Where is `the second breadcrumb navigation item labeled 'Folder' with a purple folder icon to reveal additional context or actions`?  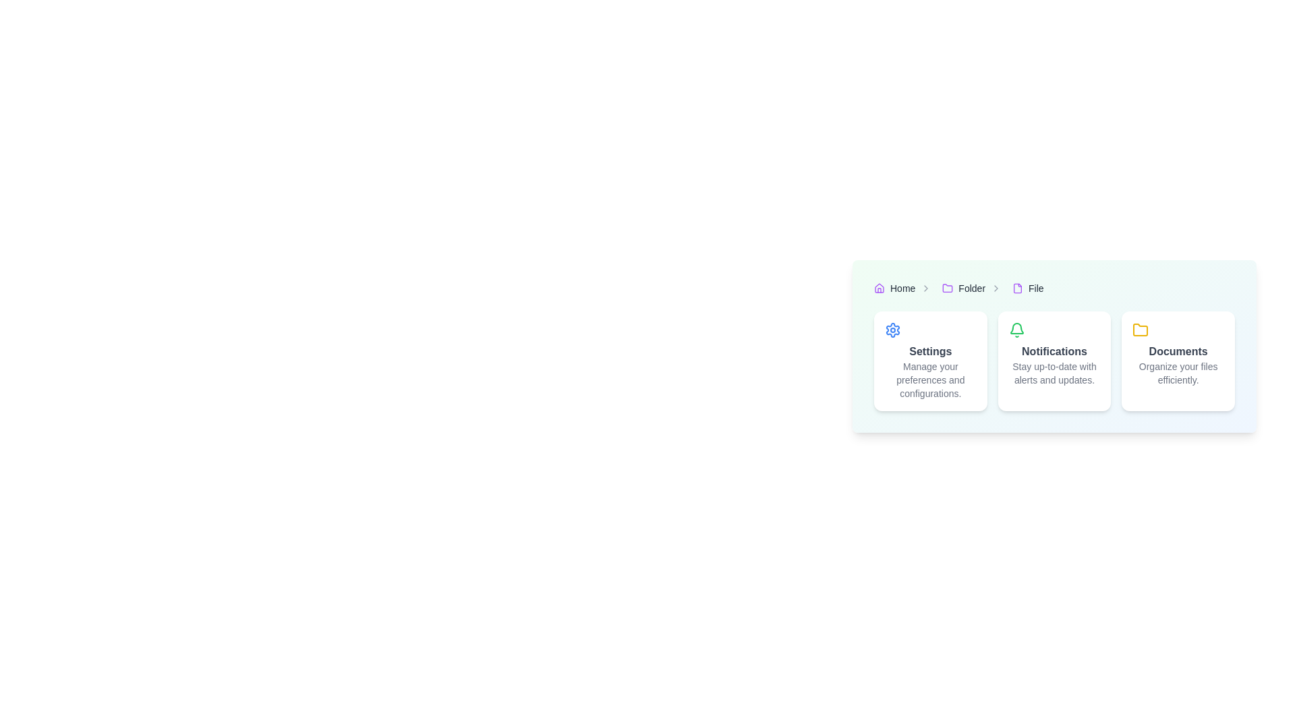 the second breadcrumb navigation item labeled 'Folder' with a purple folder icon to reveal additional context or actions is located at coordinates (975, 288).